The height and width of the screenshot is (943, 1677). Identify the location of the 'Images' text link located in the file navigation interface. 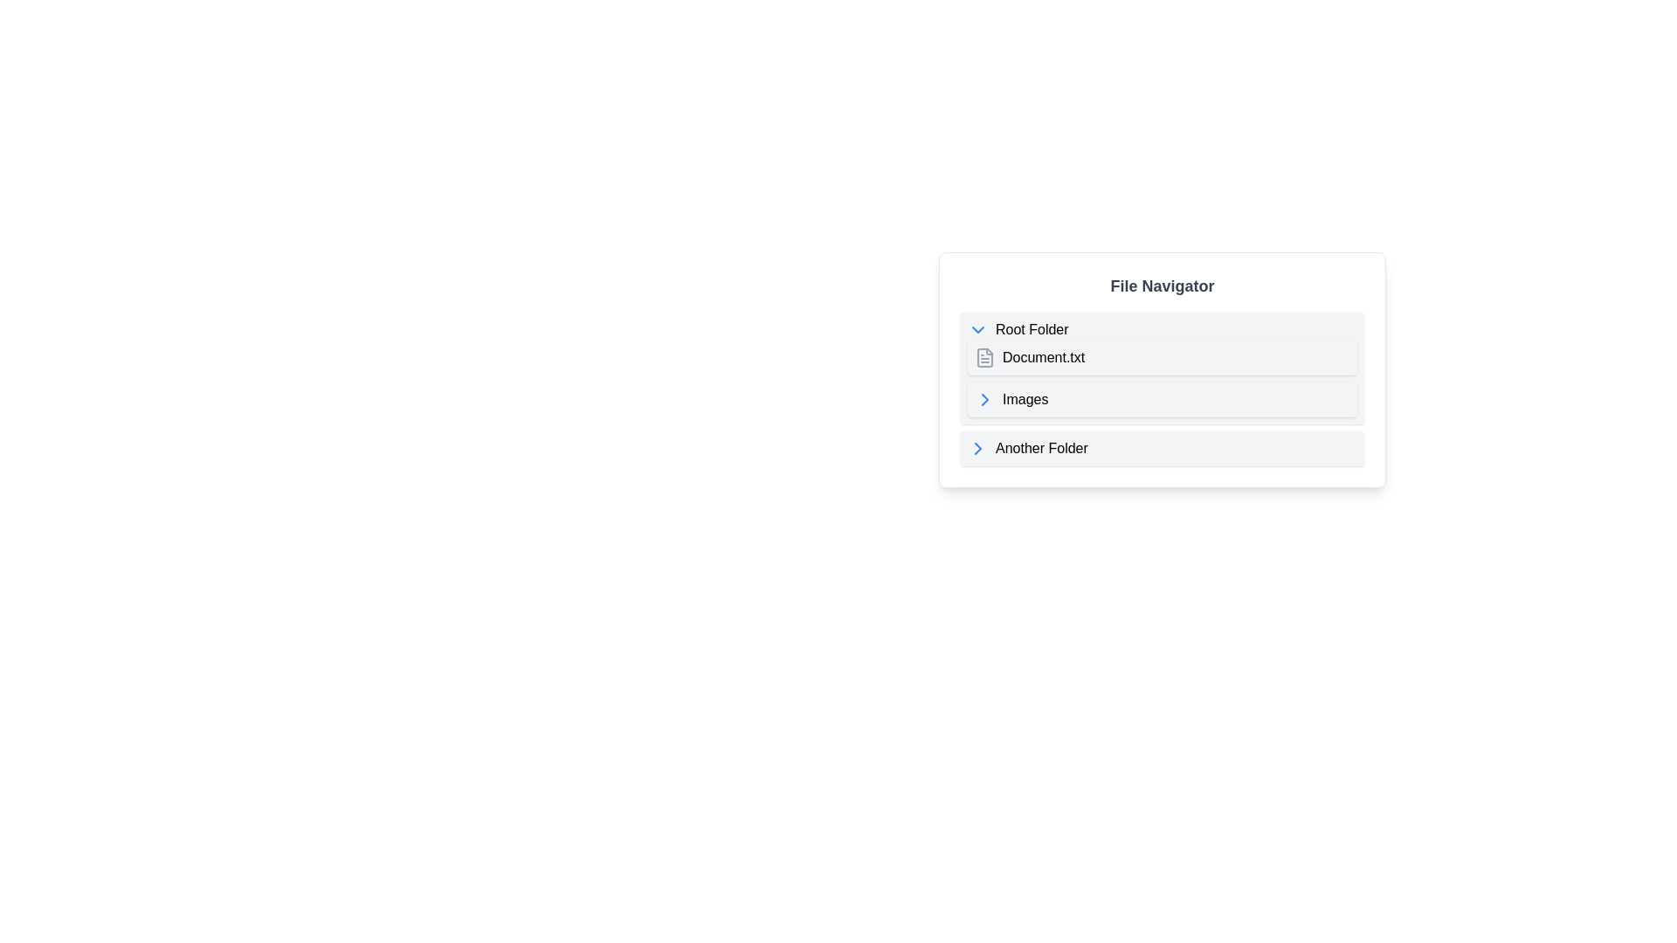
(1025, 400).